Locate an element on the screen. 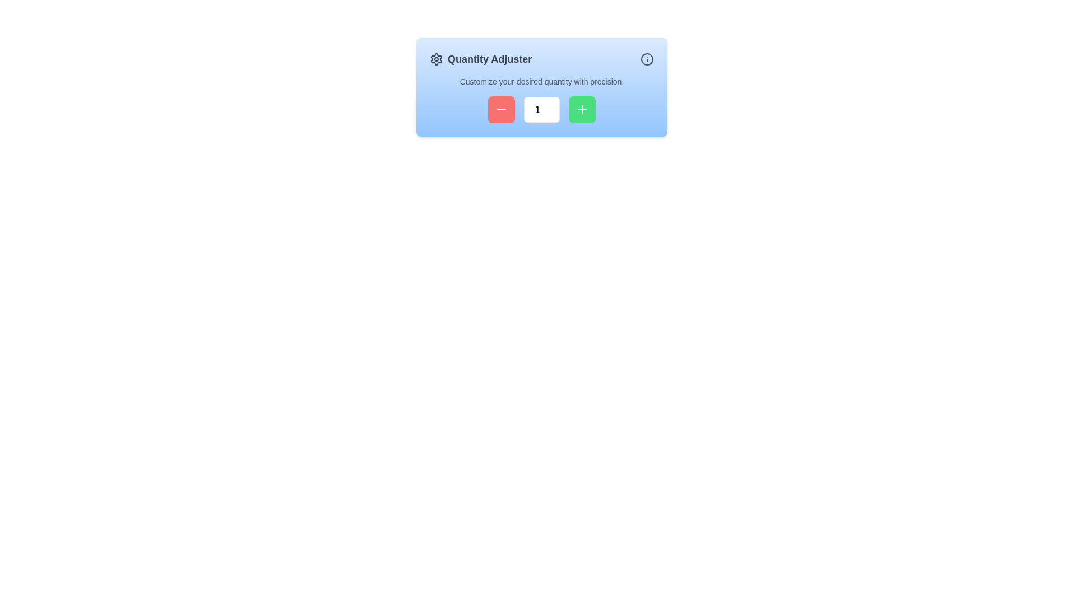 The width and height of the screenshot is (1076, 605). the plus-shaped button, which is white on a green circular background, located at the top center of the interface to increase the count is located at coordinates (582, 110).